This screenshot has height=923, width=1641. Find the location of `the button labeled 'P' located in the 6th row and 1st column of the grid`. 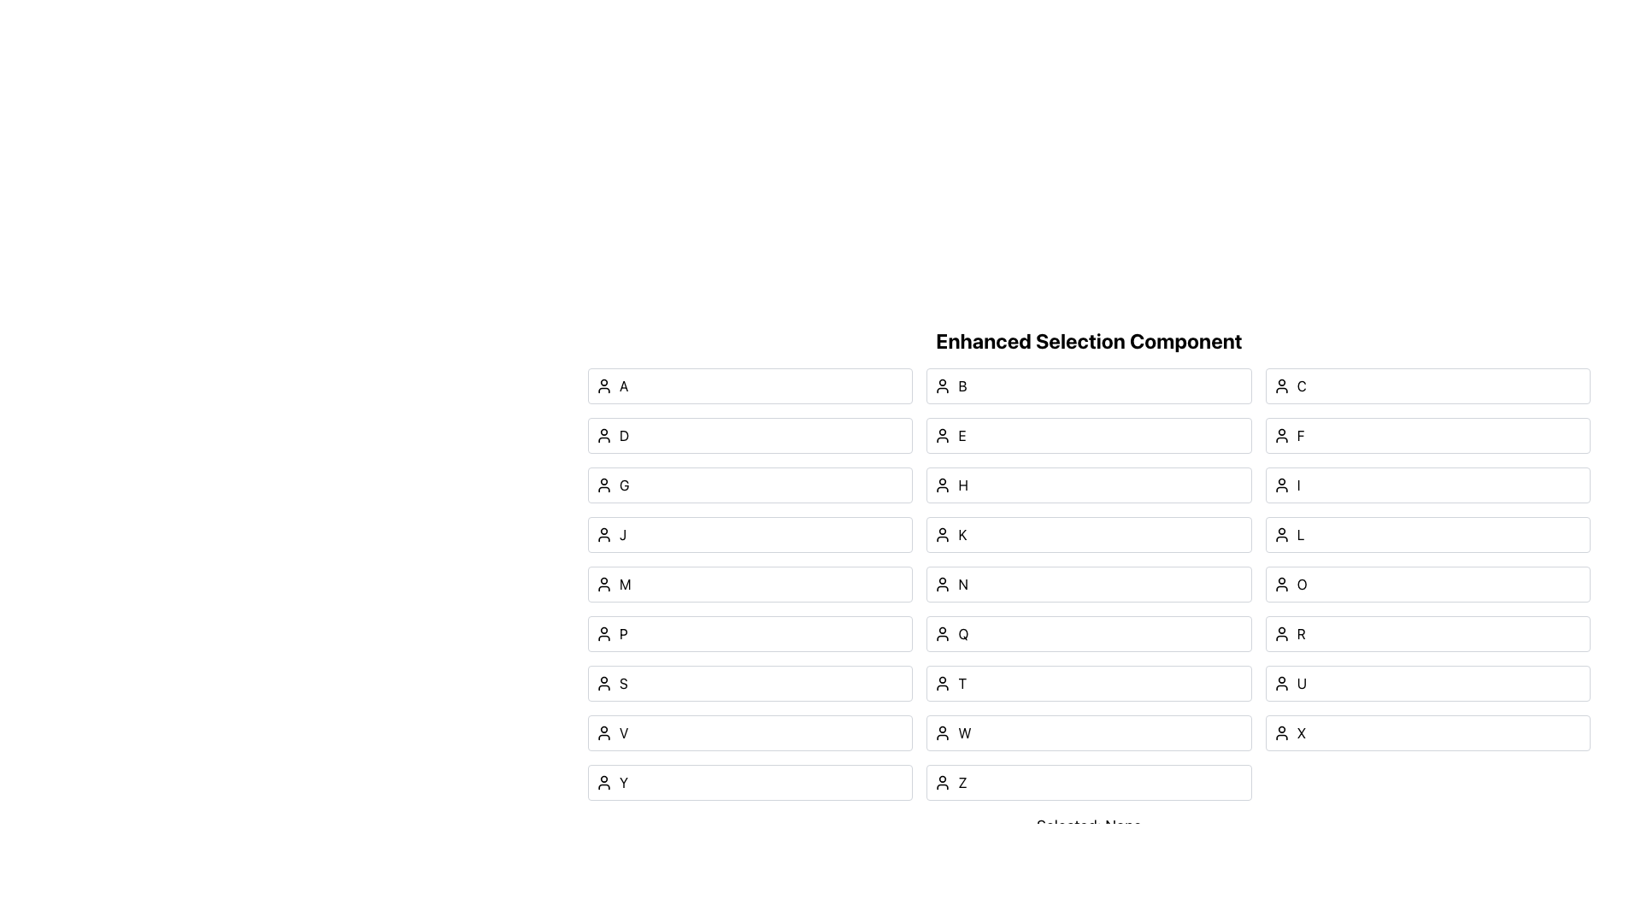

the button labeled 'P' located in the 6th row and 1st column of the grid is located at coordinates (750, 633).